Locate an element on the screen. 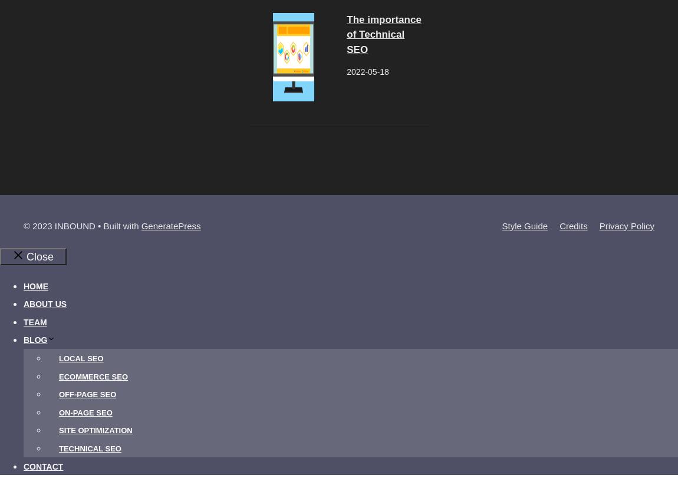  'Local SEO' is located at coordinates (80, 358).